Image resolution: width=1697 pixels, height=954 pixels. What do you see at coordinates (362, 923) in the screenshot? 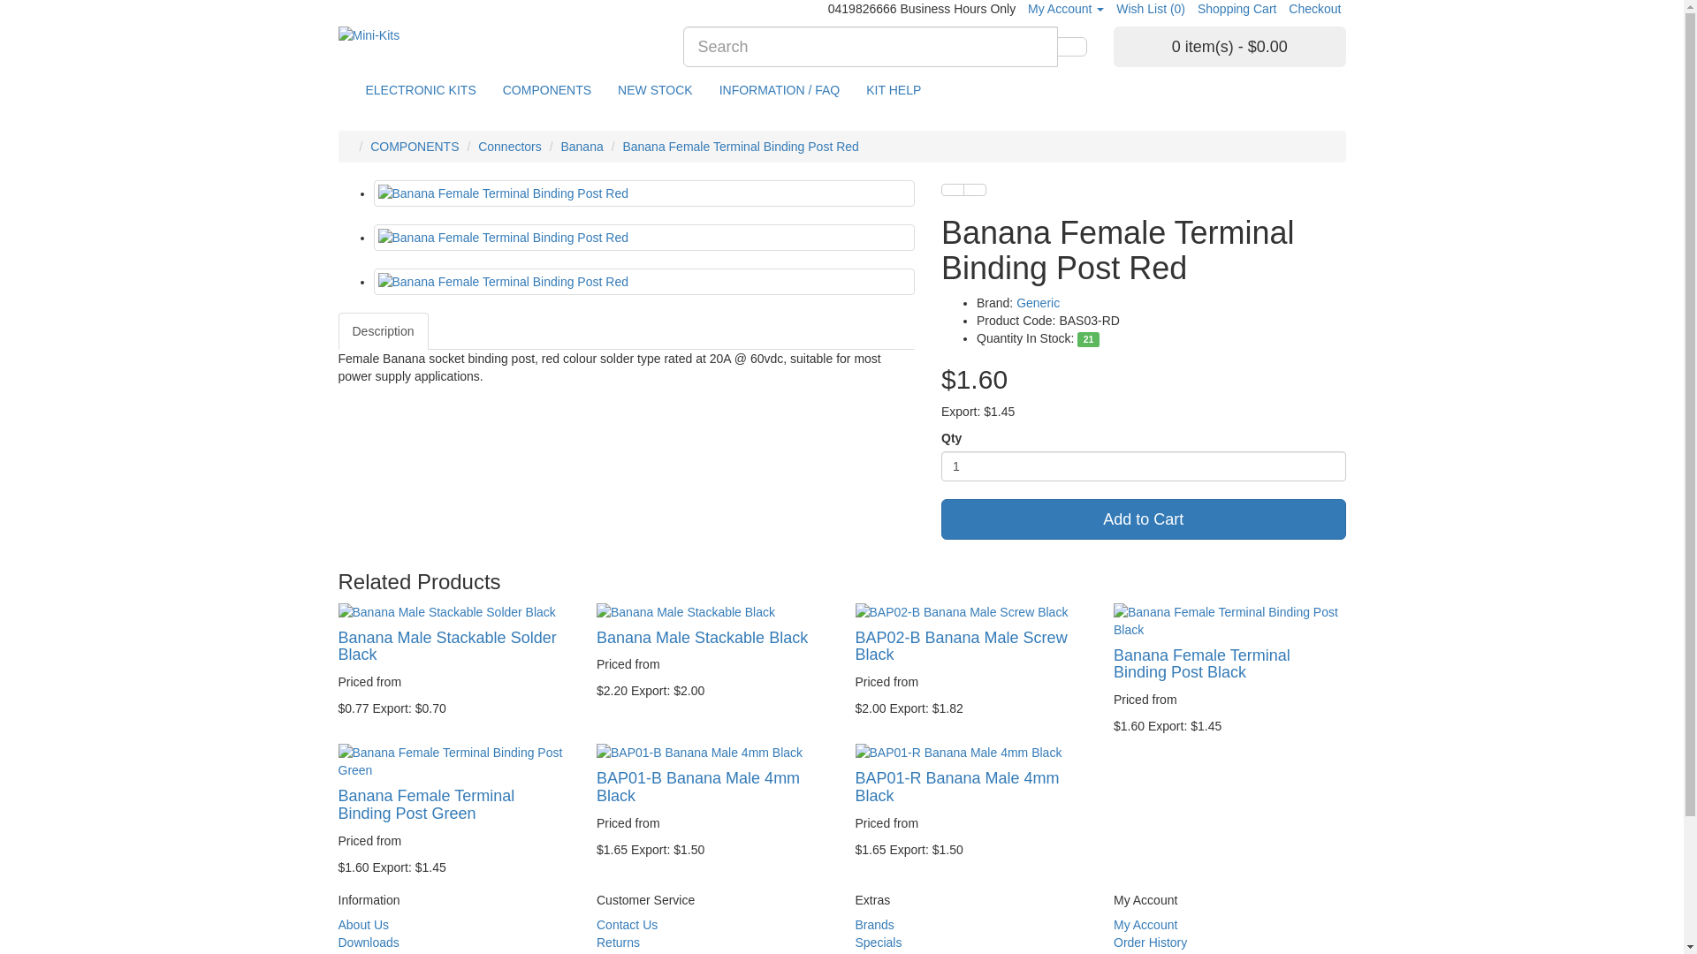
I see `'About Us'` at bounding box center [362, 923].